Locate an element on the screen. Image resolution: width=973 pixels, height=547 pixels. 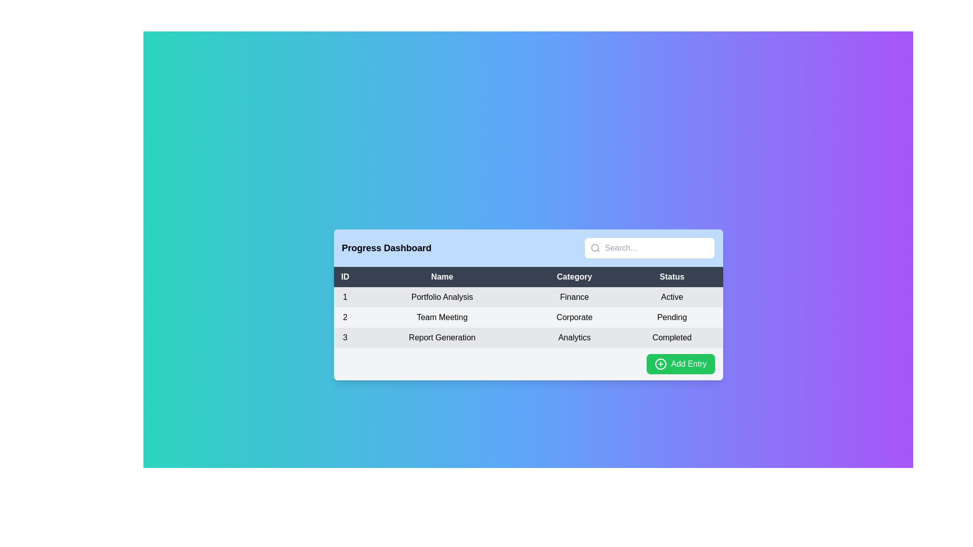
the status text label indicating the status of the 'Portfolio Analysis' entry in the table is located at coordinates (672, 296).